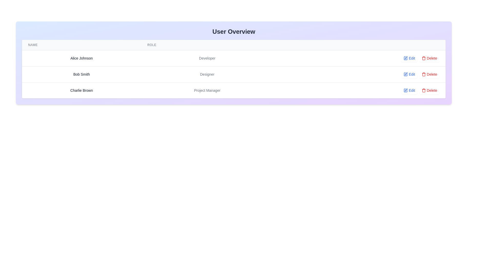 This screenshot has width=492, height=276. I want to click on the first 'Edit' button associated with 'Alice Johnson', 'Developer', so click(409, 58).